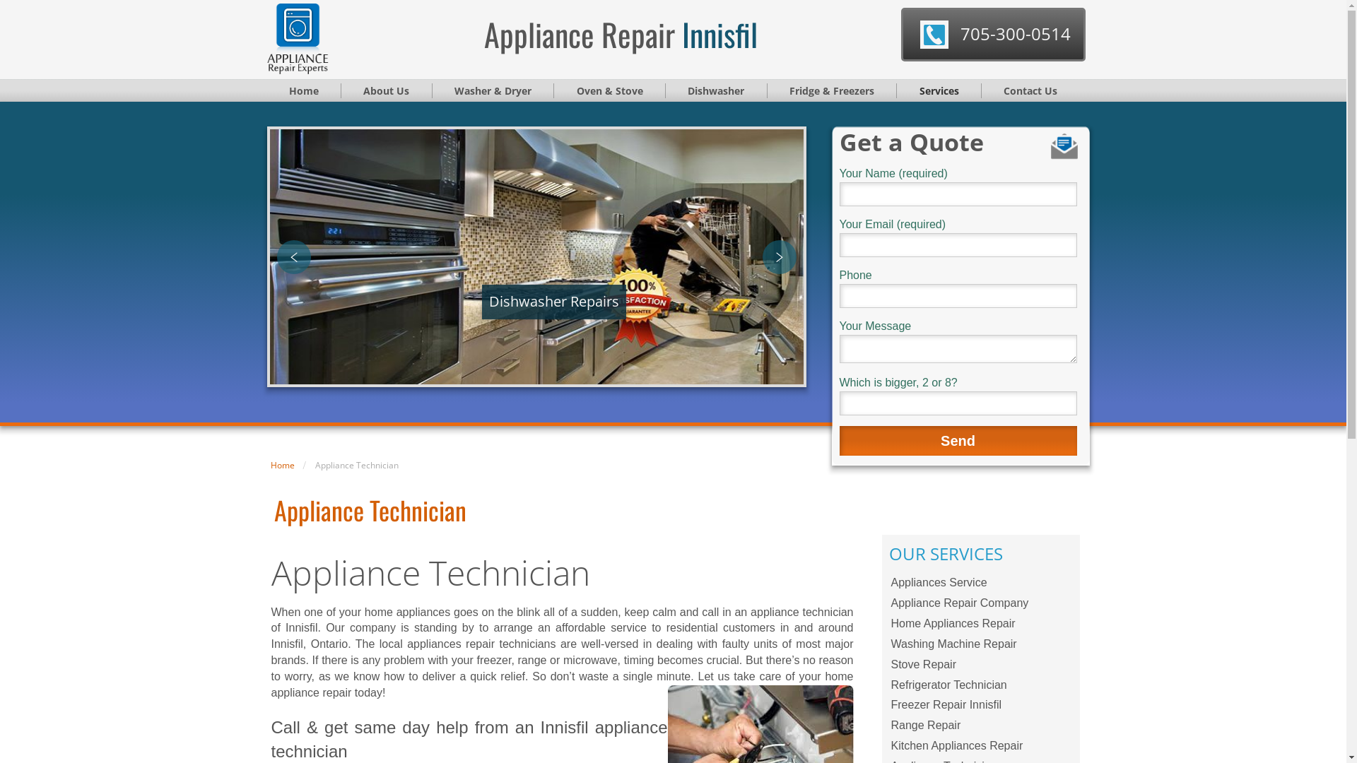  I want to click on 'Send', so click(958, 440).